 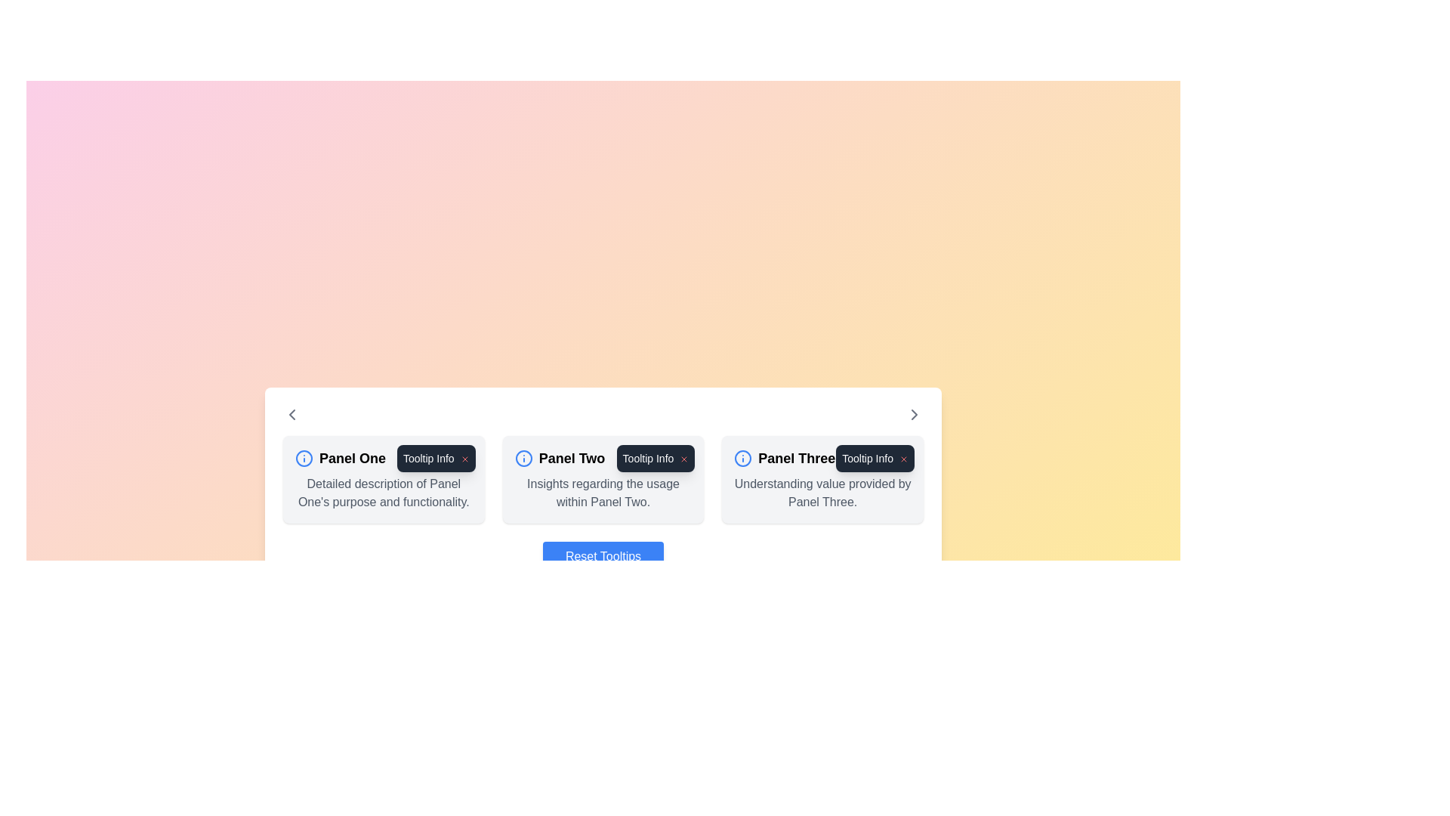 I want to click on the close button for the tooltip associated with 'Panel Three' to hide the tooltip information, so click(x=903, y=459).